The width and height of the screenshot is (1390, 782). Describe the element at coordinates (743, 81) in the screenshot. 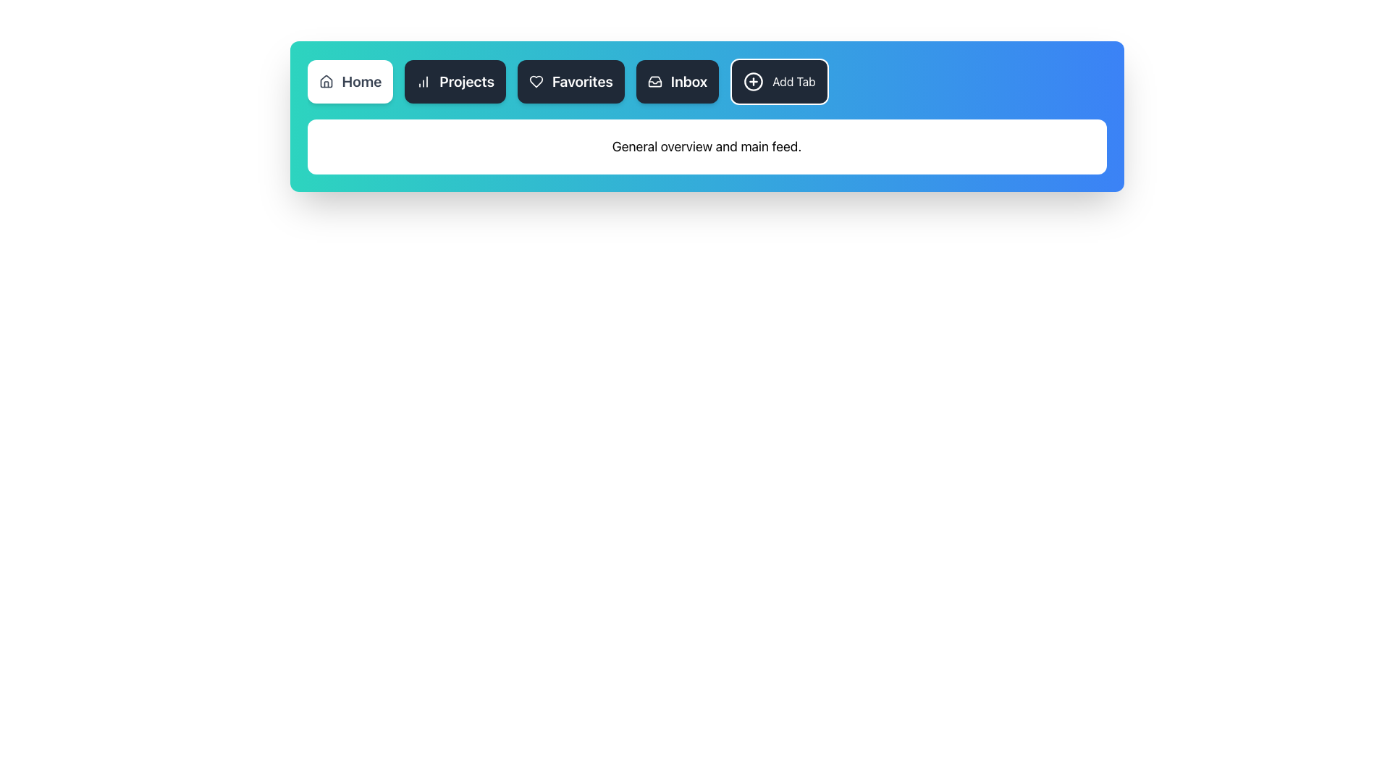

I see `across the buttons of the Navigation Toolbar located at the upper section of the interface, which includes buttons for 'Home', 'Projects', 'Favorites', 'Inbox', and 'Add Tab'` at that location.